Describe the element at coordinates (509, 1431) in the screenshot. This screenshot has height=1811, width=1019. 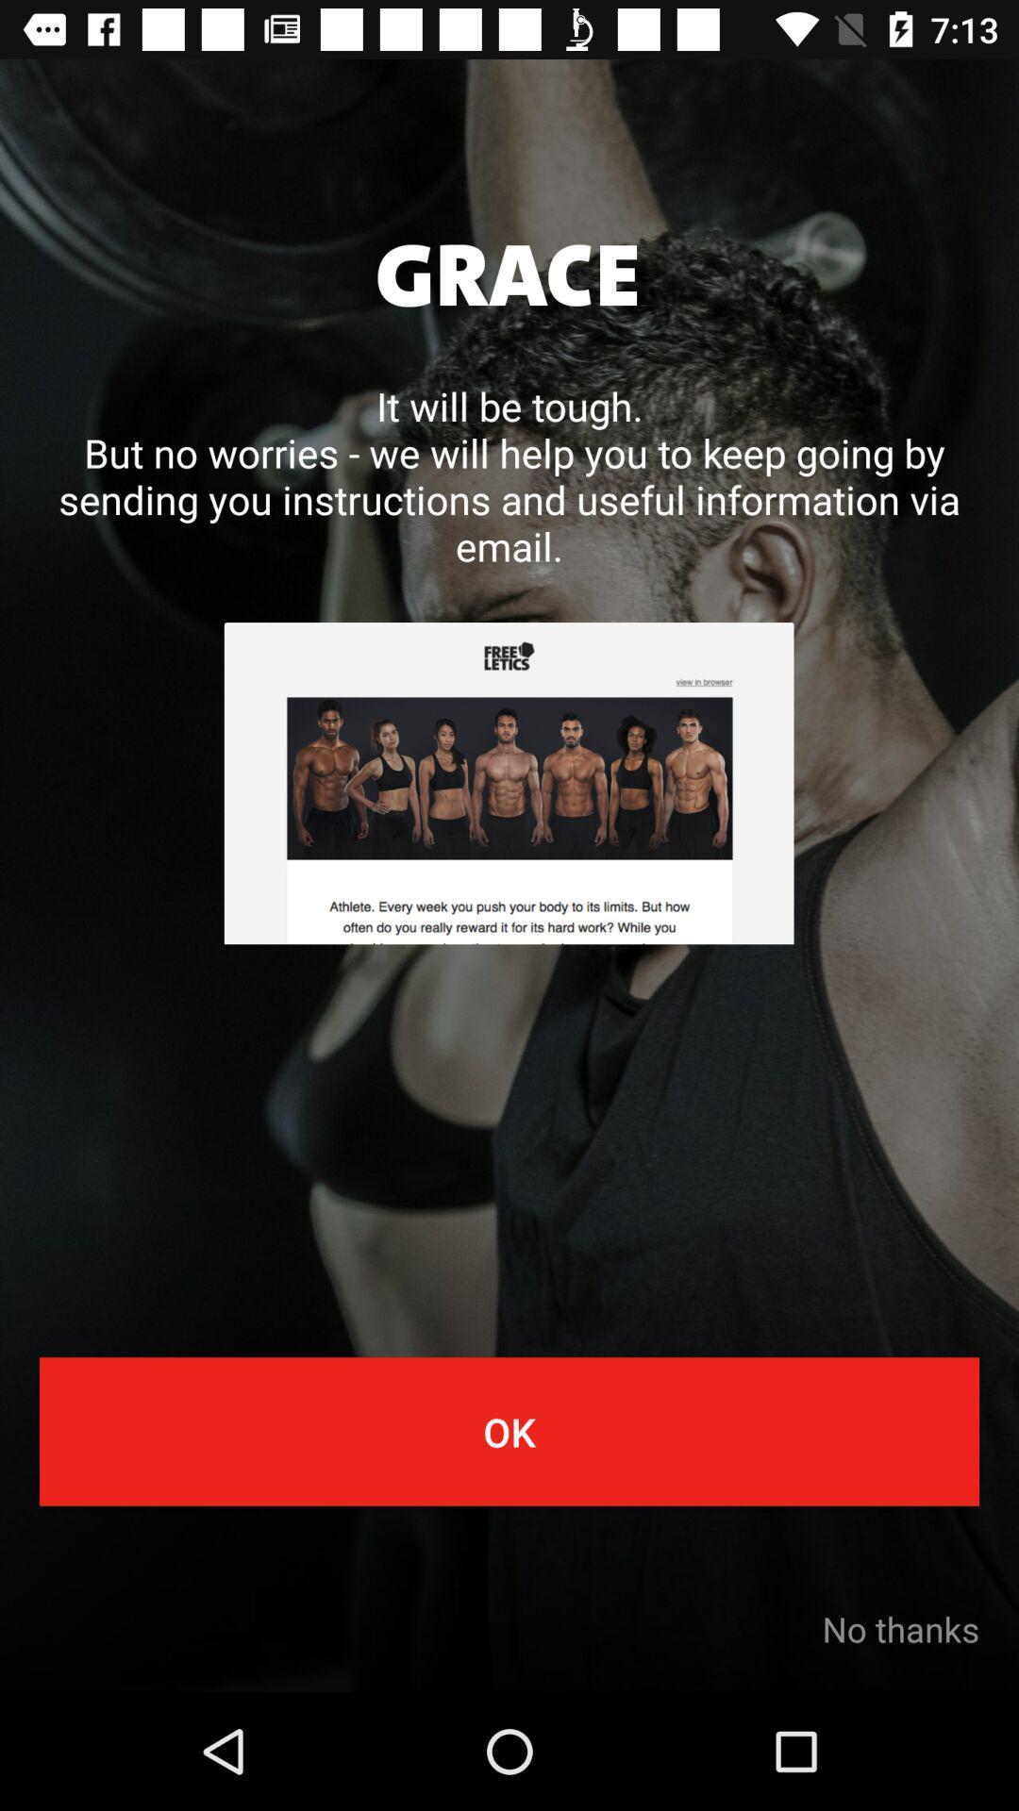
I see `the icon above no thanks item` at that location.